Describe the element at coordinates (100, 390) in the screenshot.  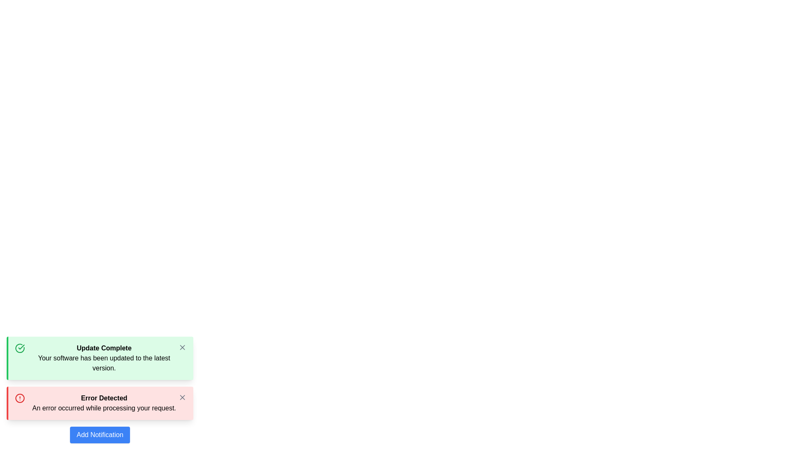
I see `the close button on the error notification panel located above the 'Add Notification' button and below the 'Update Complete' notification` at that location.